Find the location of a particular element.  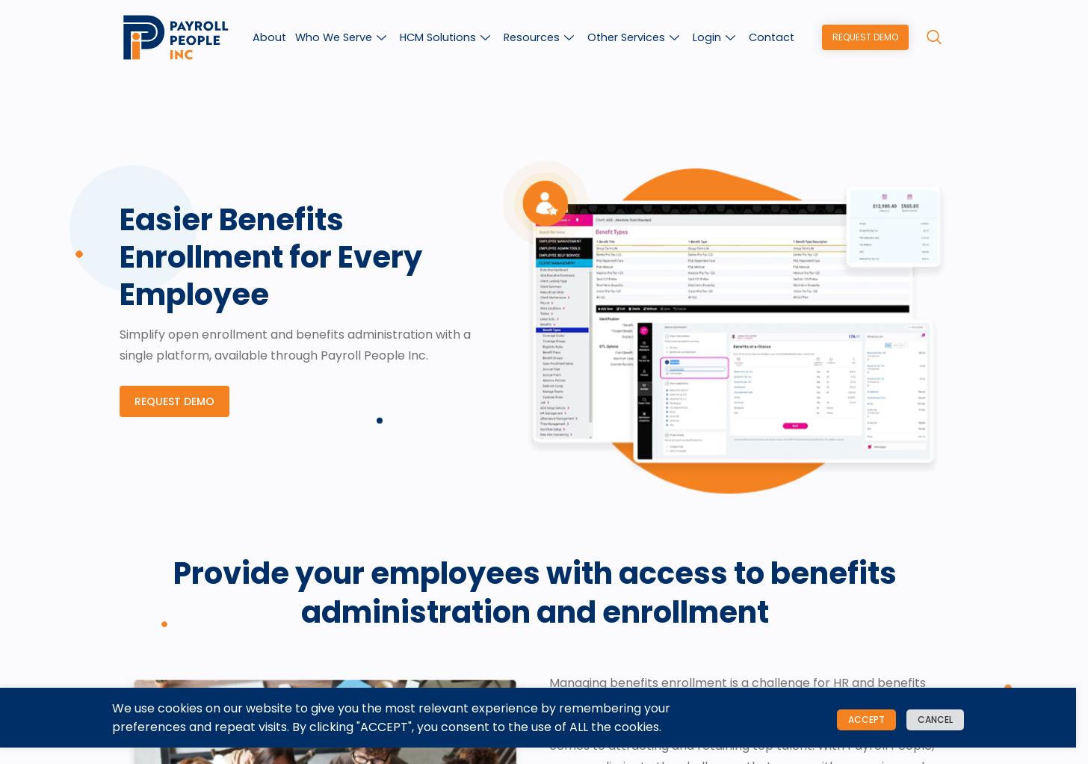

'The ease and simplicity of managing your team across multiple devices.' is located at coordinates (829, 107).